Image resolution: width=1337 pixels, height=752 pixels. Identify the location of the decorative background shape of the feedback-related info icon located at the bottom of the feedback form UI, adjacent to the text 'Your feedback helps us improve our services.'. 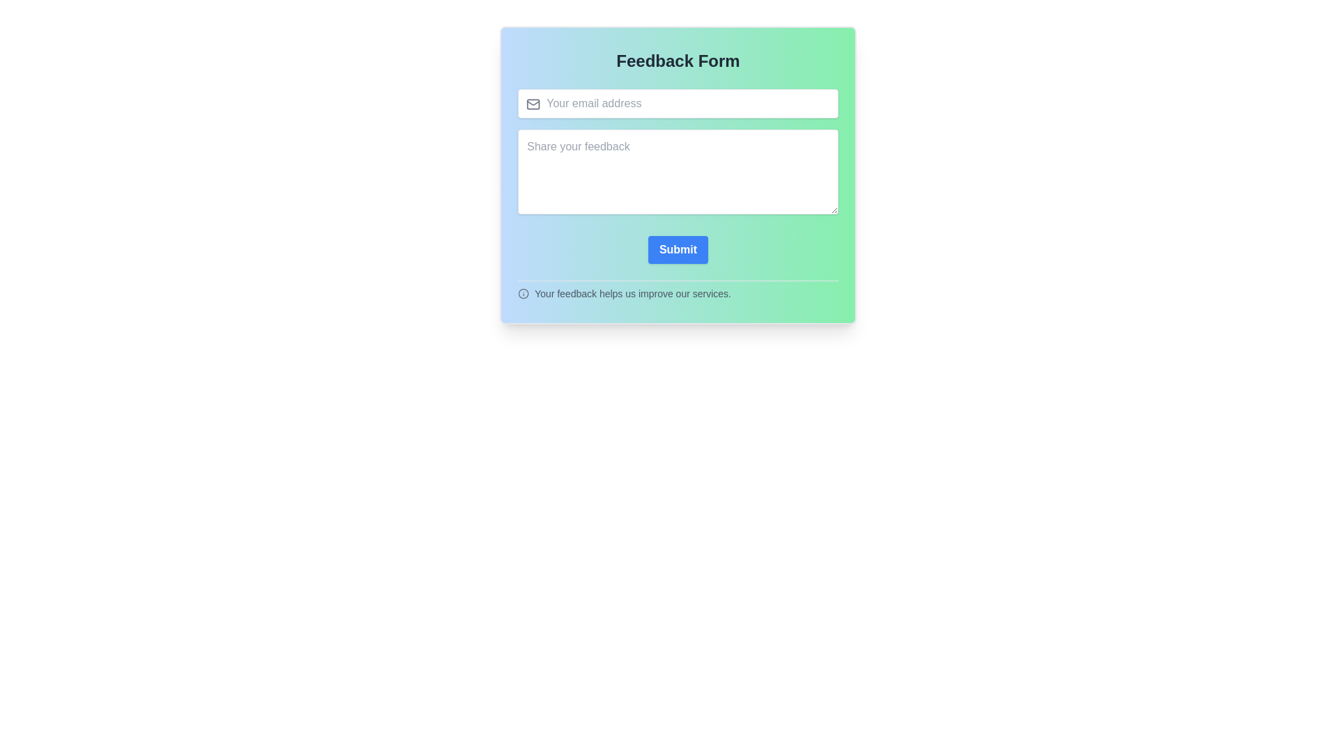
(523, 292).